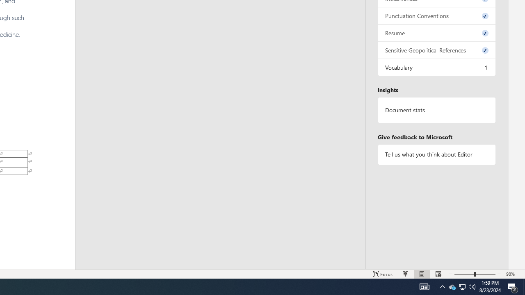  I want to click on 'Print Layout', so click(422, 274).